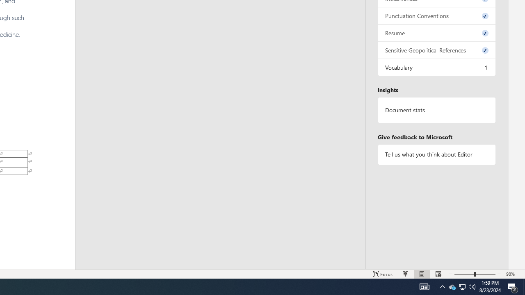  I want to click on 'Print Layout', so click(422, 274).